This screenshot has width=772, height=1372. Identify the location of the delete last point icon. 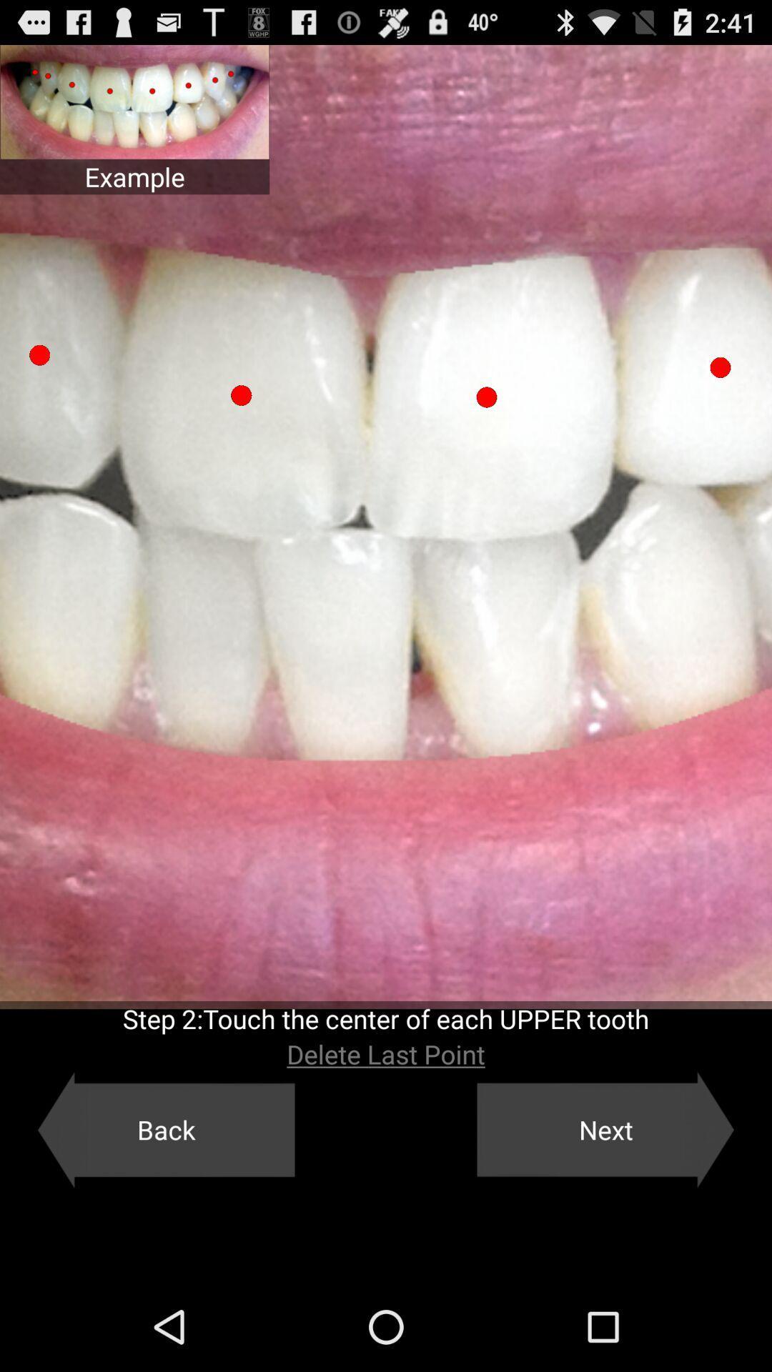
(386, 1054).